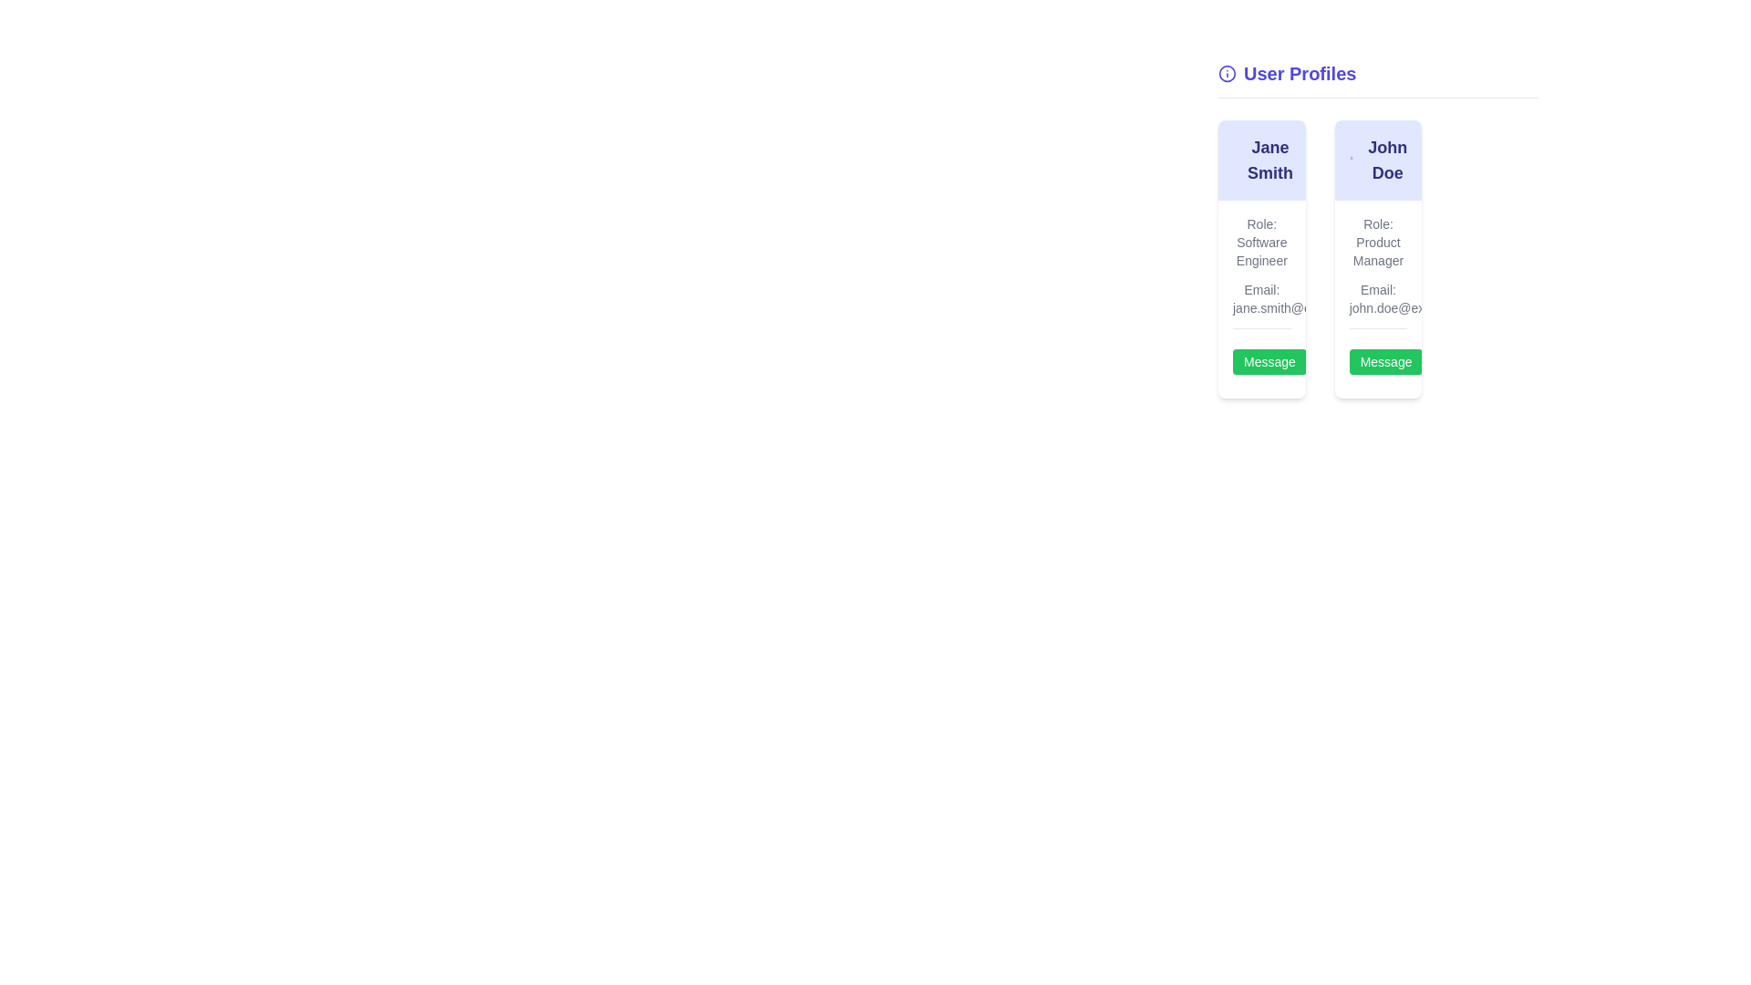 This screenshot has height=985, width=1751. Describe the element at coordinates (1378, 160) in the screenshot. I see `the 'John Doe' text element, styled with bold large indigo font, located at the top of the right profile card under the 'User Profiles' heading` at that location.